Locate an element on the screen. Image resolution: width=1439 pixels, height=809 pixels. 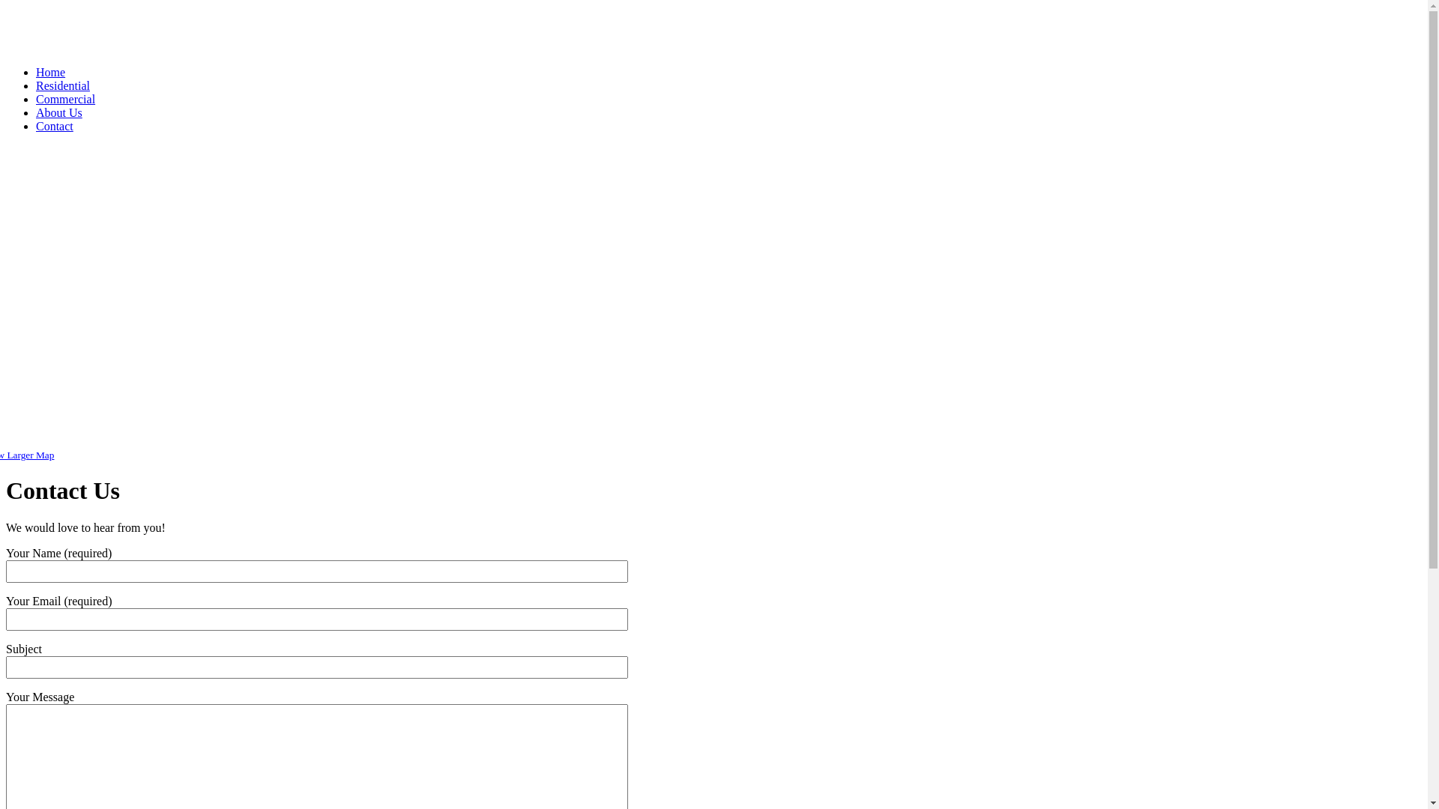
'Contact' is located at coordinates (54, 125).